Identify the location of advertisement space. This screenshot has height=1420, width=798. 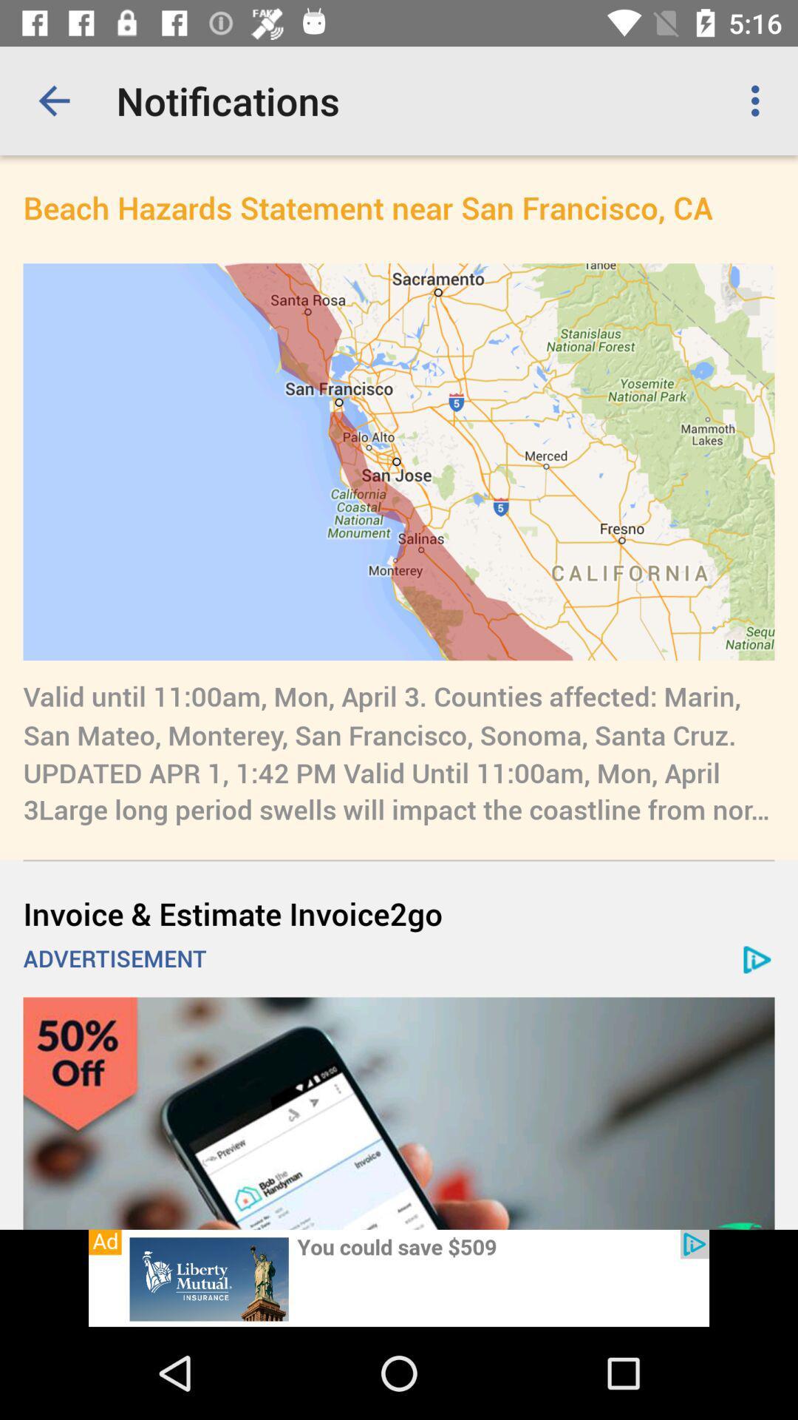
(399, 1277).